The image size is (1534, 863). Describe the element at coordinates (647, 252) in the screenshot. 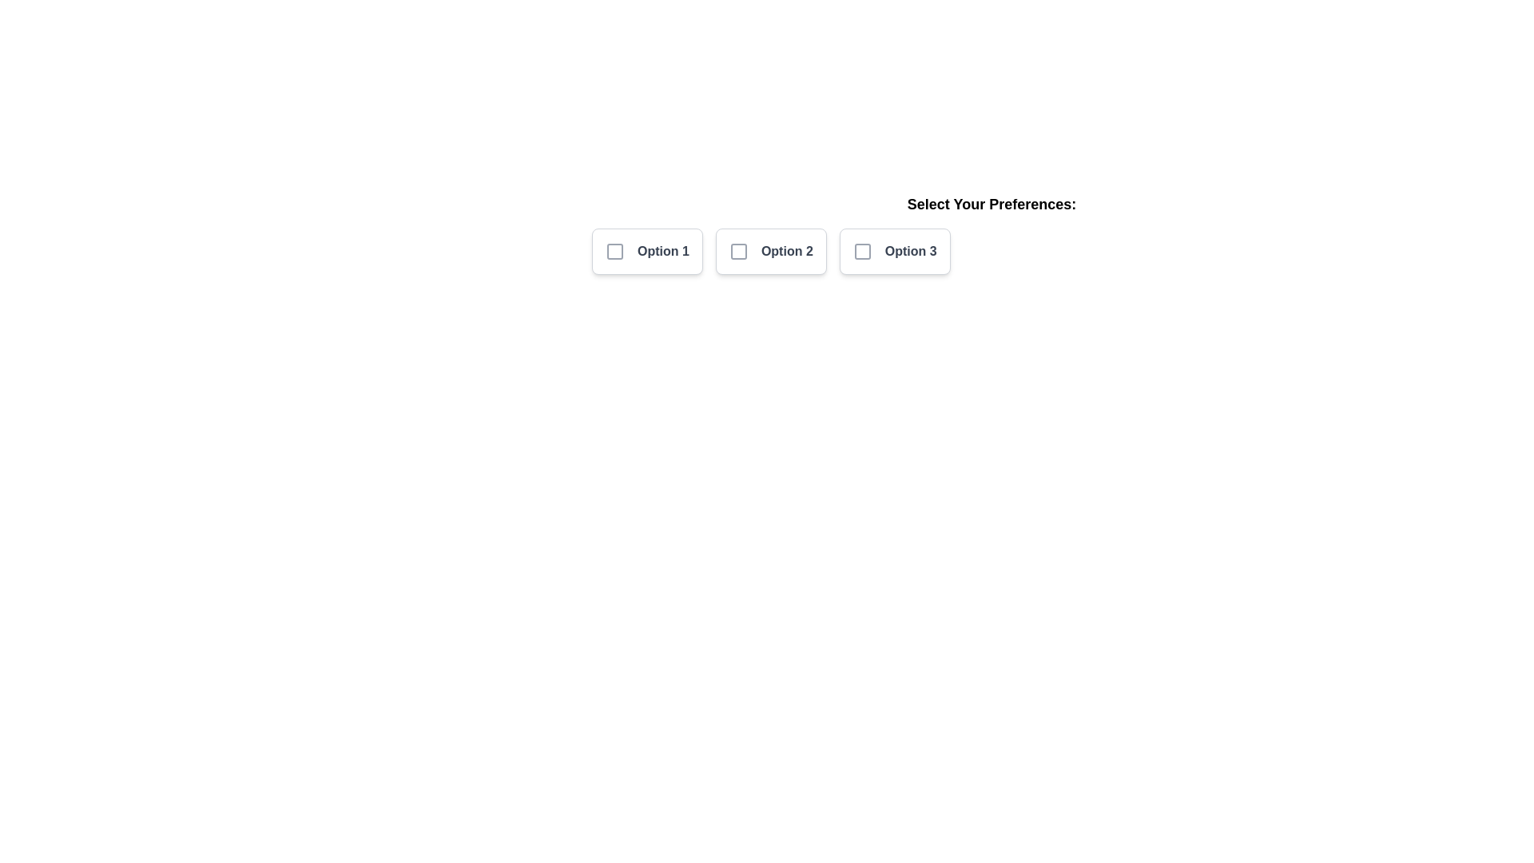

I see `the 'Option 1' checkbox` at that location.